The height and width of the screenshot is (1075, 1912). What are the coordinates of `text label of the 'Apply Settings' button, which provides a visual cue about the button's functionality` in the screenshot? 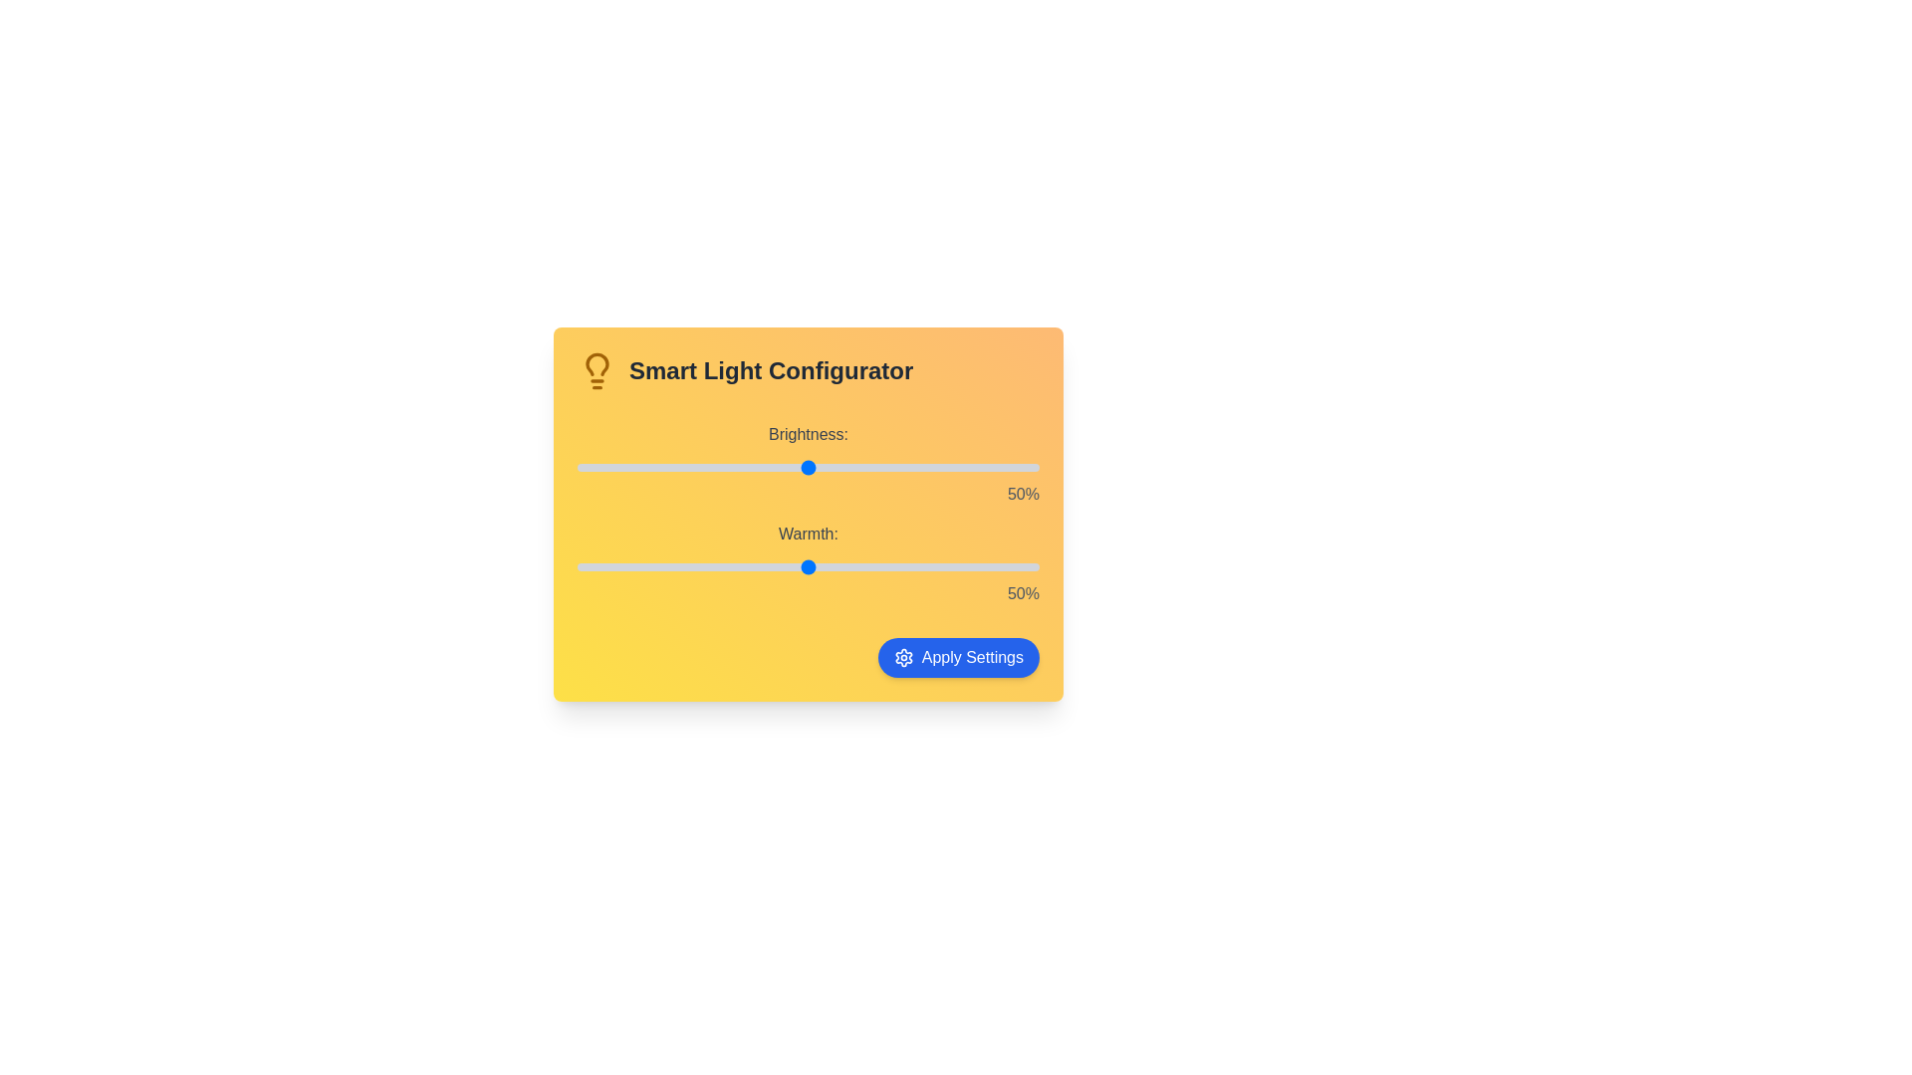 It's located at (972, 657).